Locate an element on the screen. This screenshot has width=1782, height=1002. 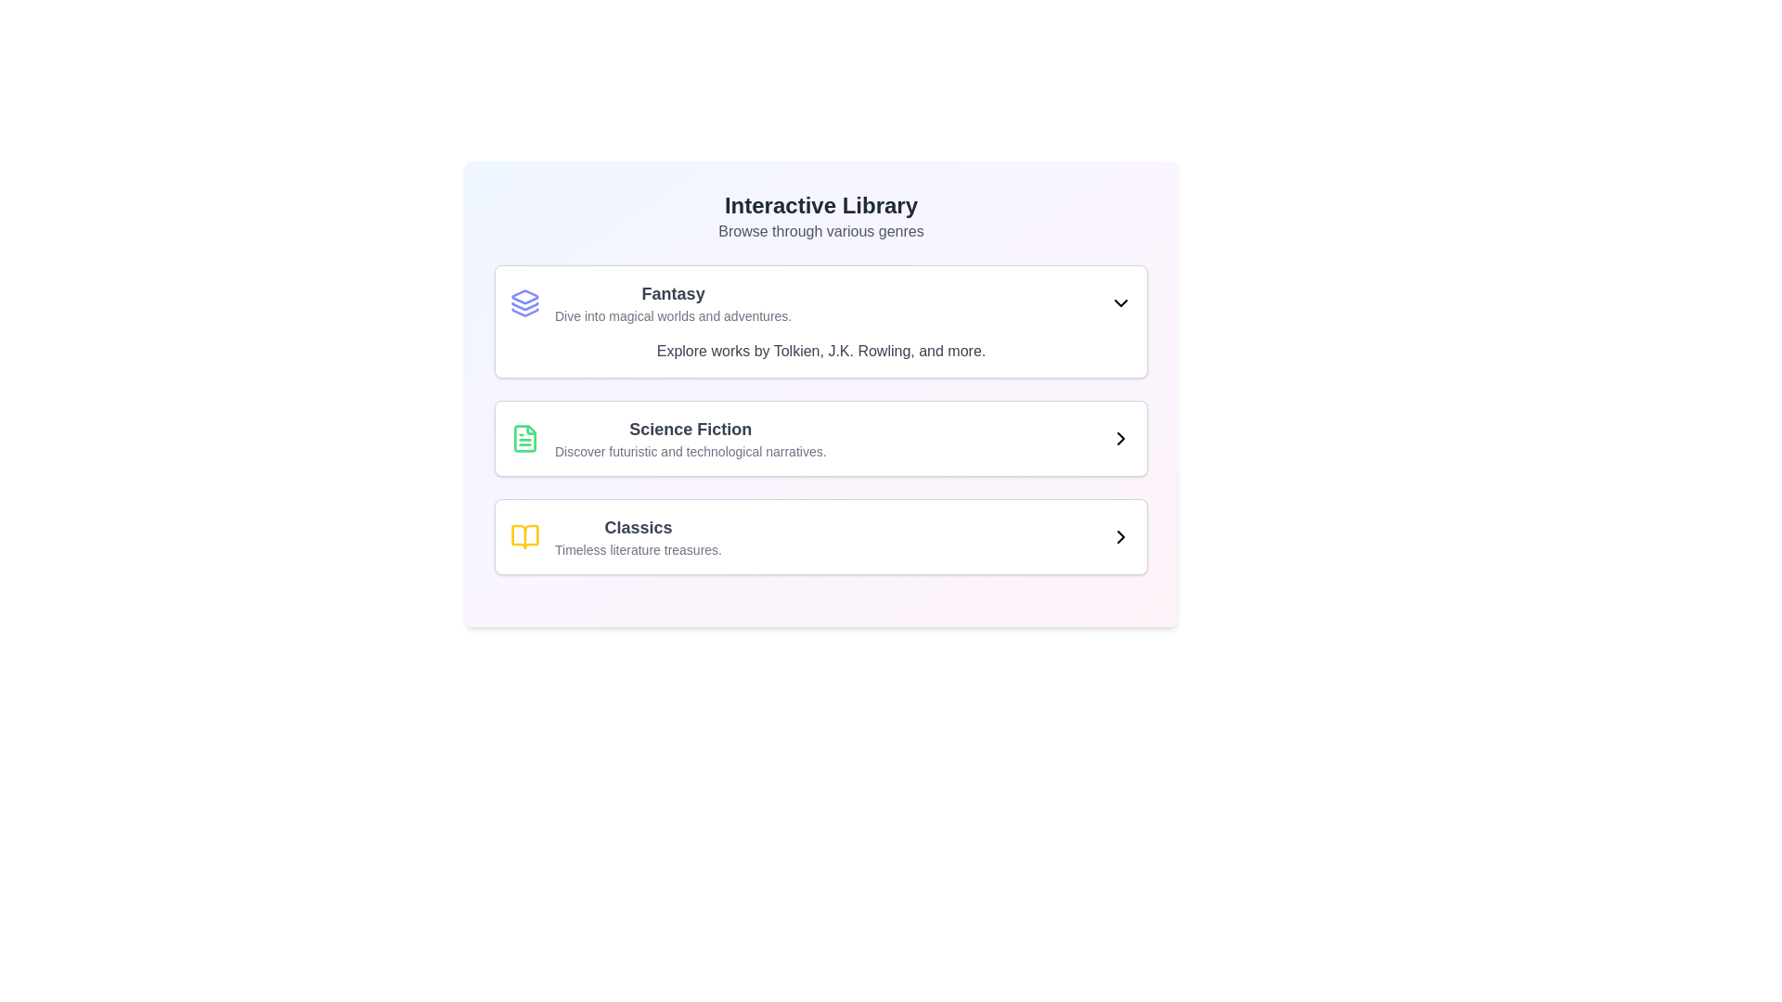
the Dropdown indicator icon (chevron downward) next to the 'Fantasy' category to visualize interactivity or a tooltip is located at coordinates (1120, 302).